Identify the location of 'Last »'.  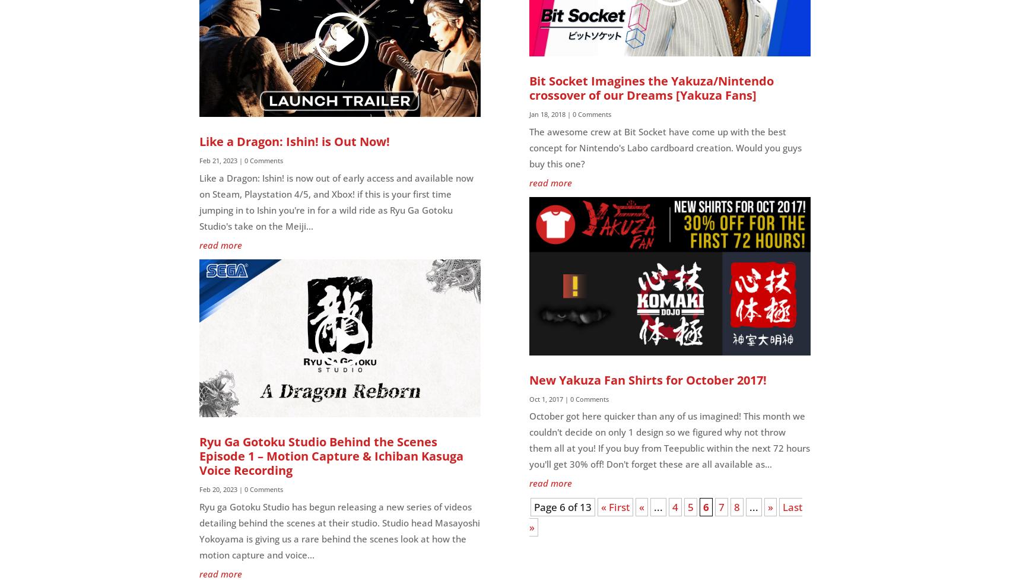
(665, 517).